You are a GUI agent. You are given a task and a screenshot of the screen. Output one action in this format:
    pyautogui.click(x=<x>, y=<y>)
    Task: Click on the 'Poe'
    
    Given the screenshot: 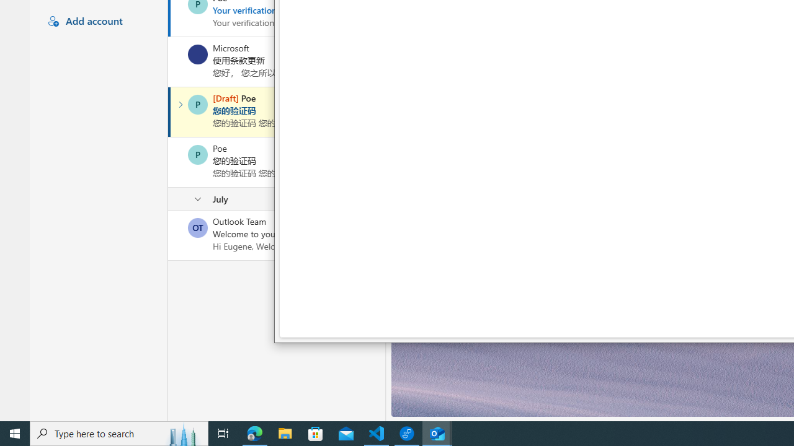 What is the action you would take?
    pyautogui.click(x=197, y=154)
    